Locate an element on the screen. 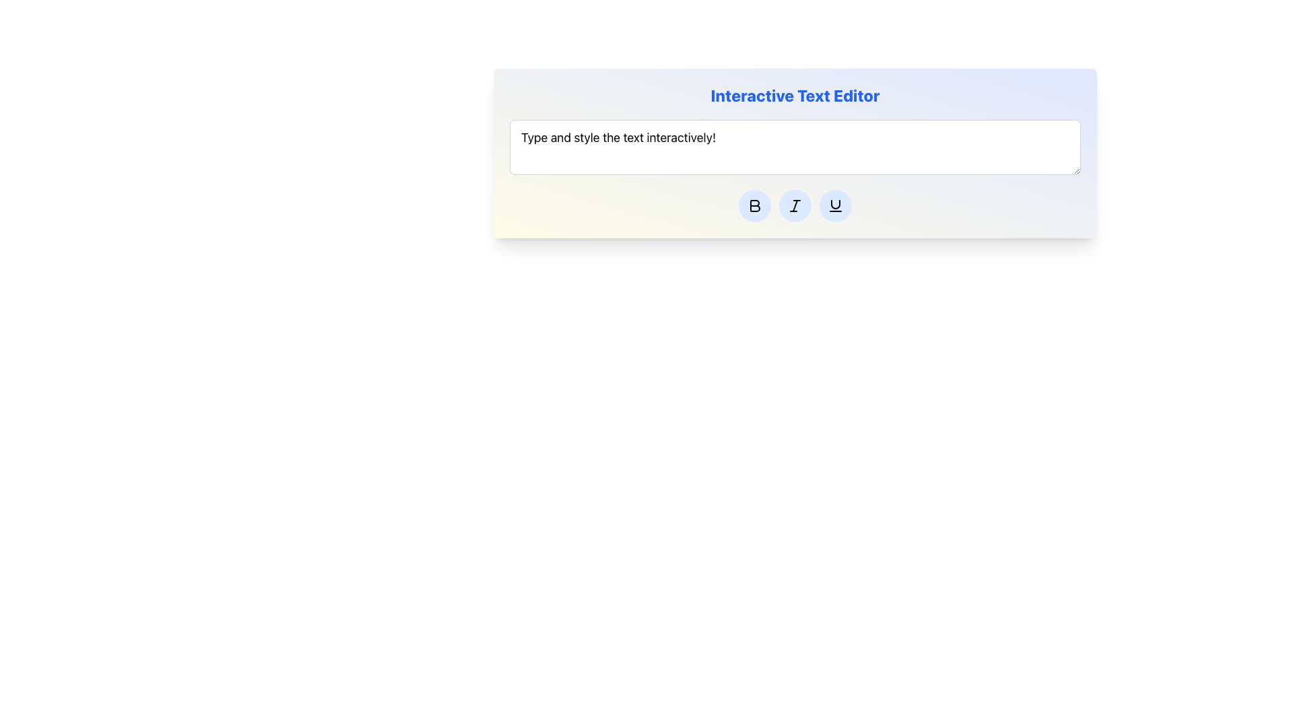 The height and width of the screenshot is (727, 1293). the middle icon button is located at coordinates (795, 205).